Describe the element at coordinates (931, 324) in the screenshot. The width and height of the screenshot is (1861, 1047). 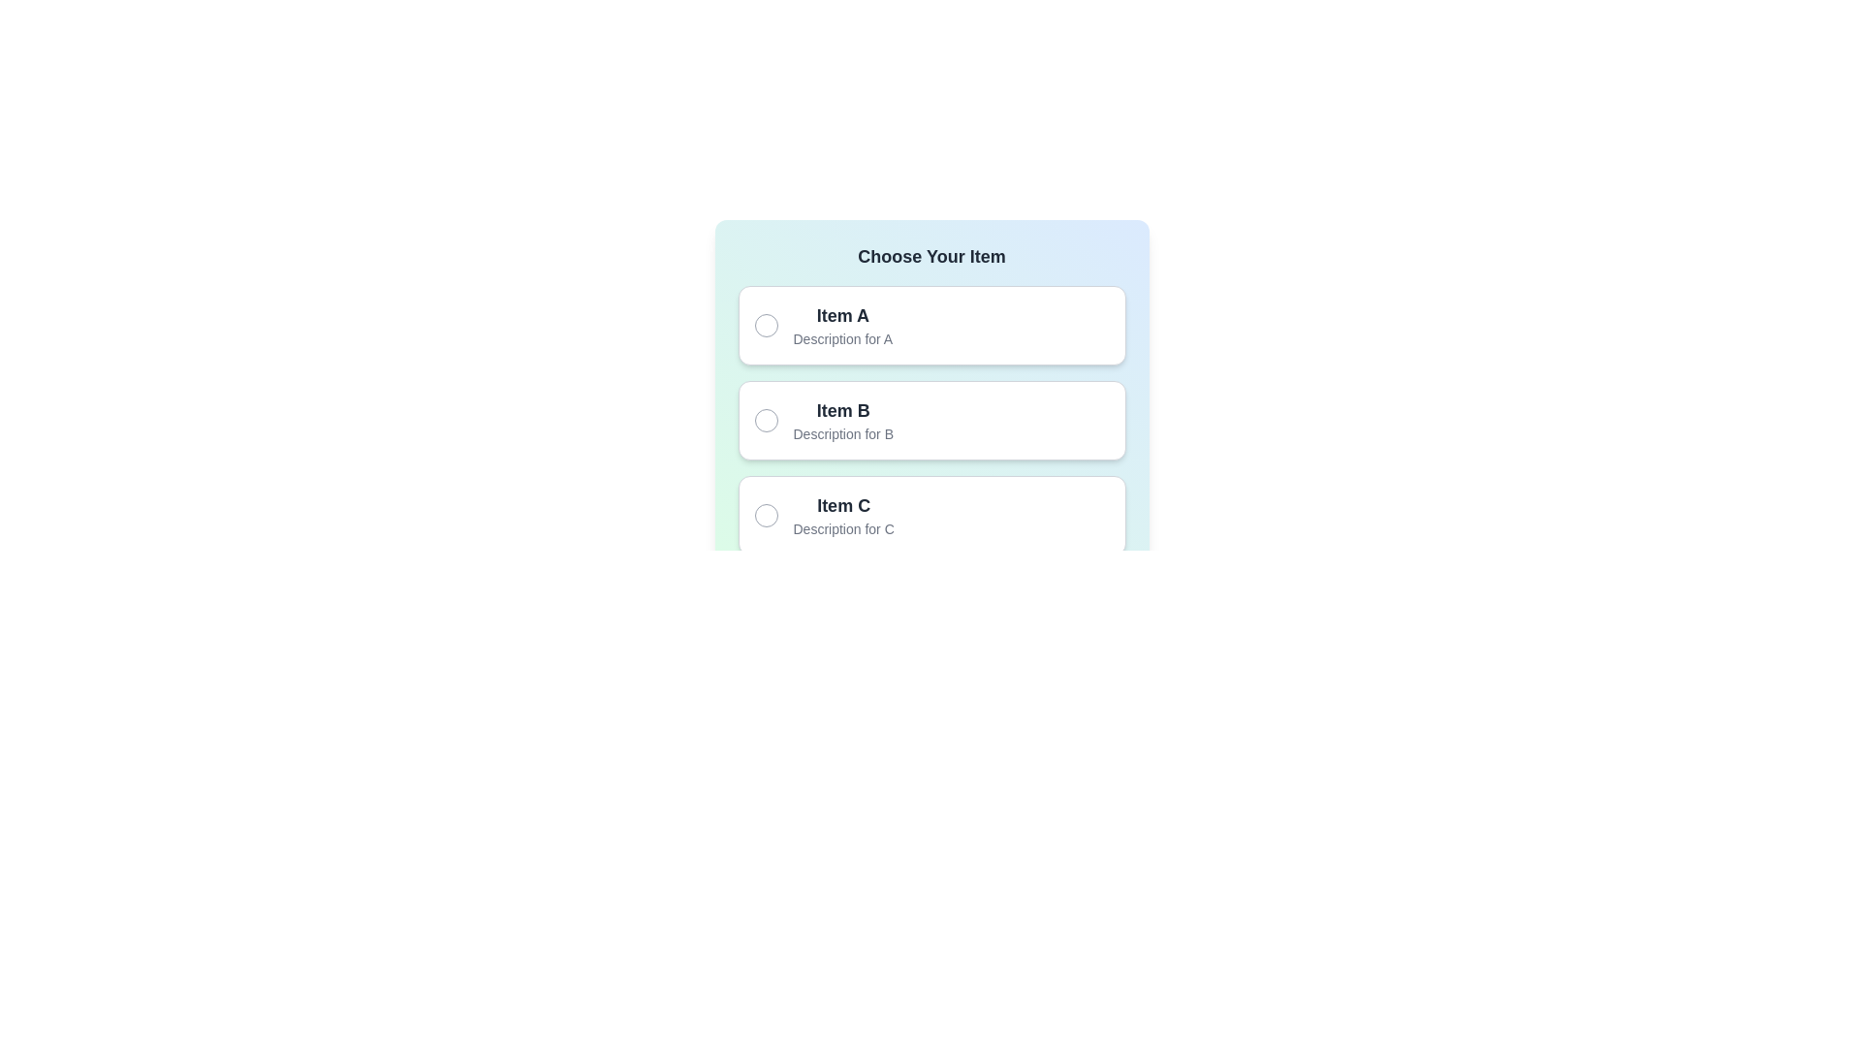
I see `the radio button on the first selectable list item labeled 'Item A'` at that location.